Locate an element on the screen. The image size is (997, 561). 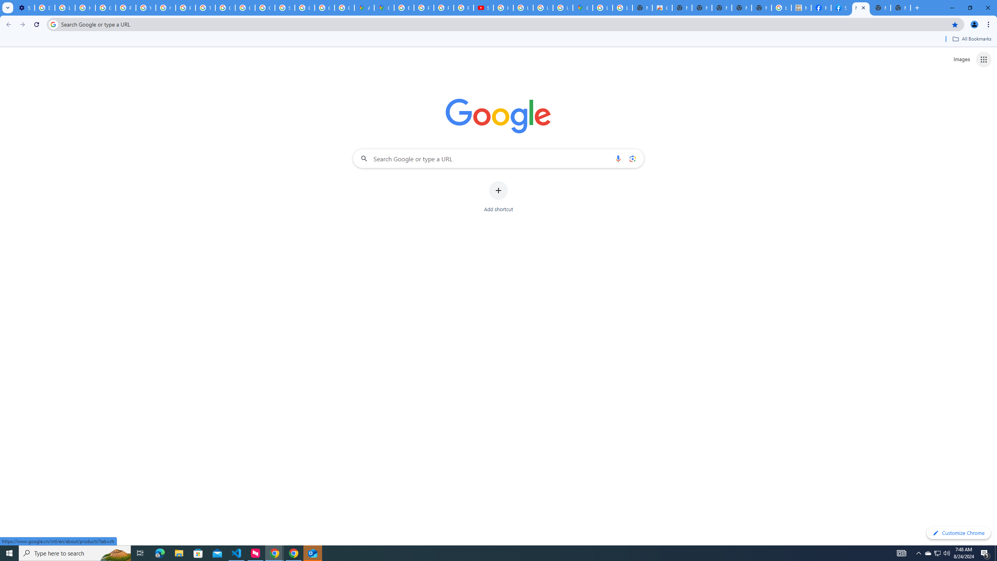
'Settings - Customize profile' is located at coordinates (24, 7).